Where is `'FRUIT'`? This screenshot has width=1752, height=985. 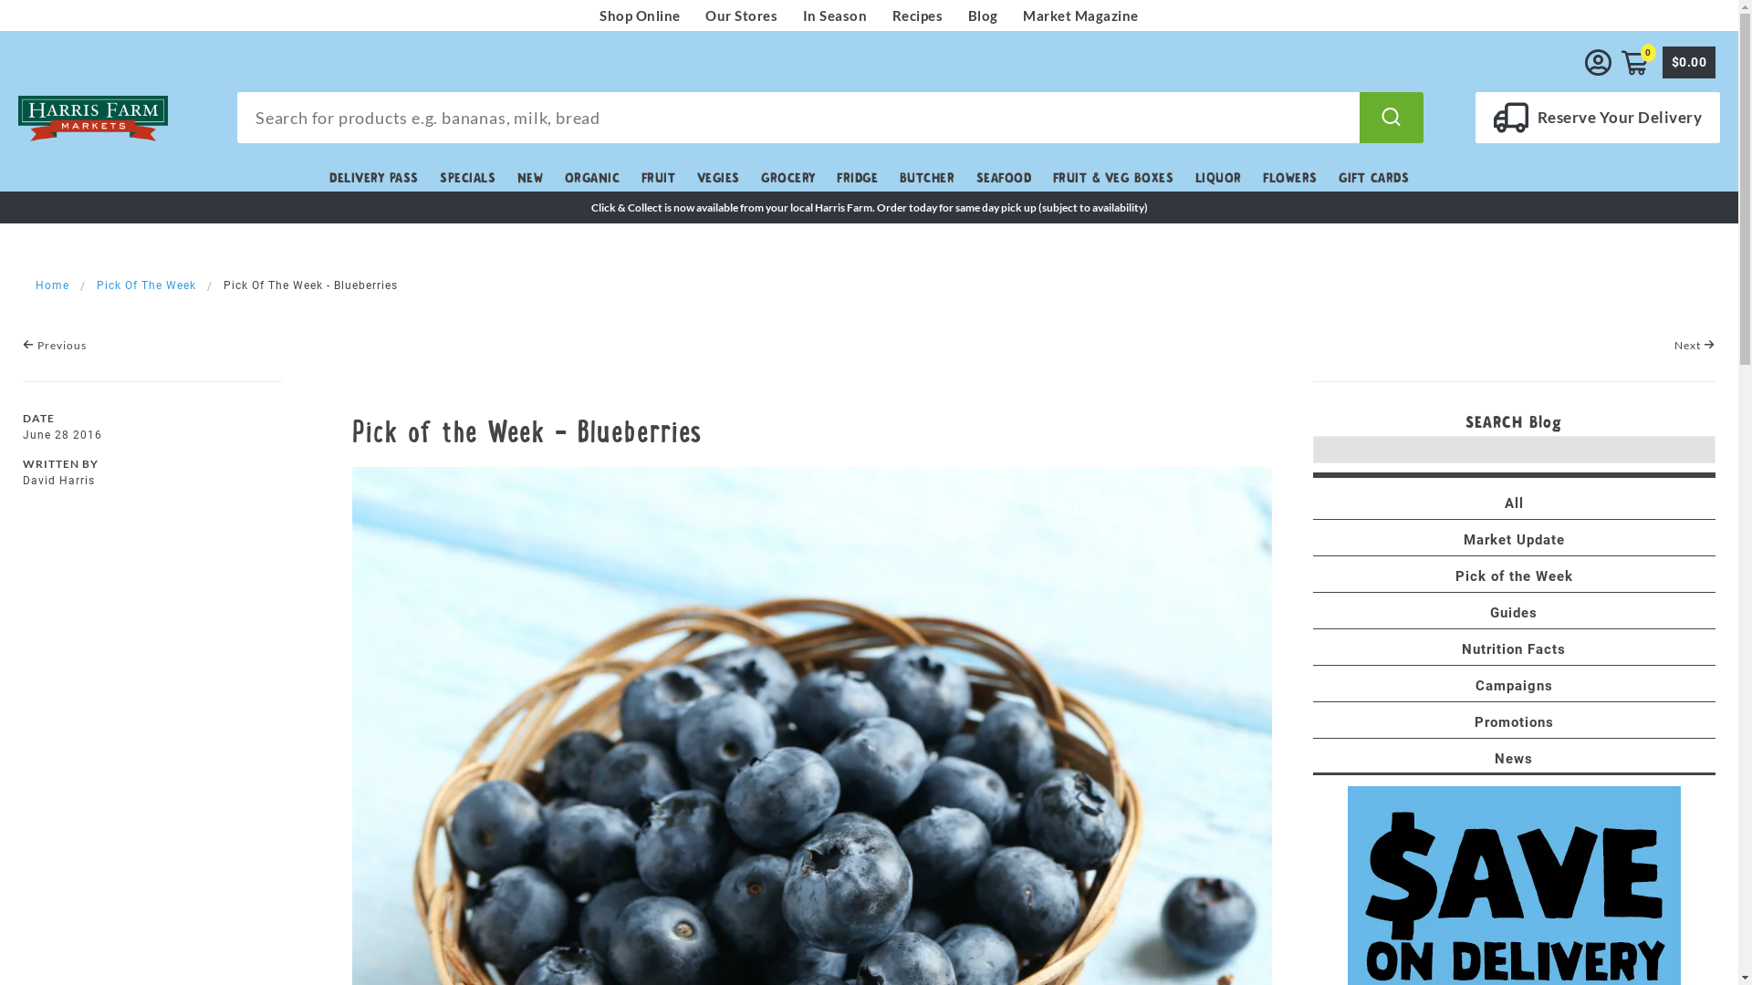 'FRUIT' is located at coordinates (657, 178).